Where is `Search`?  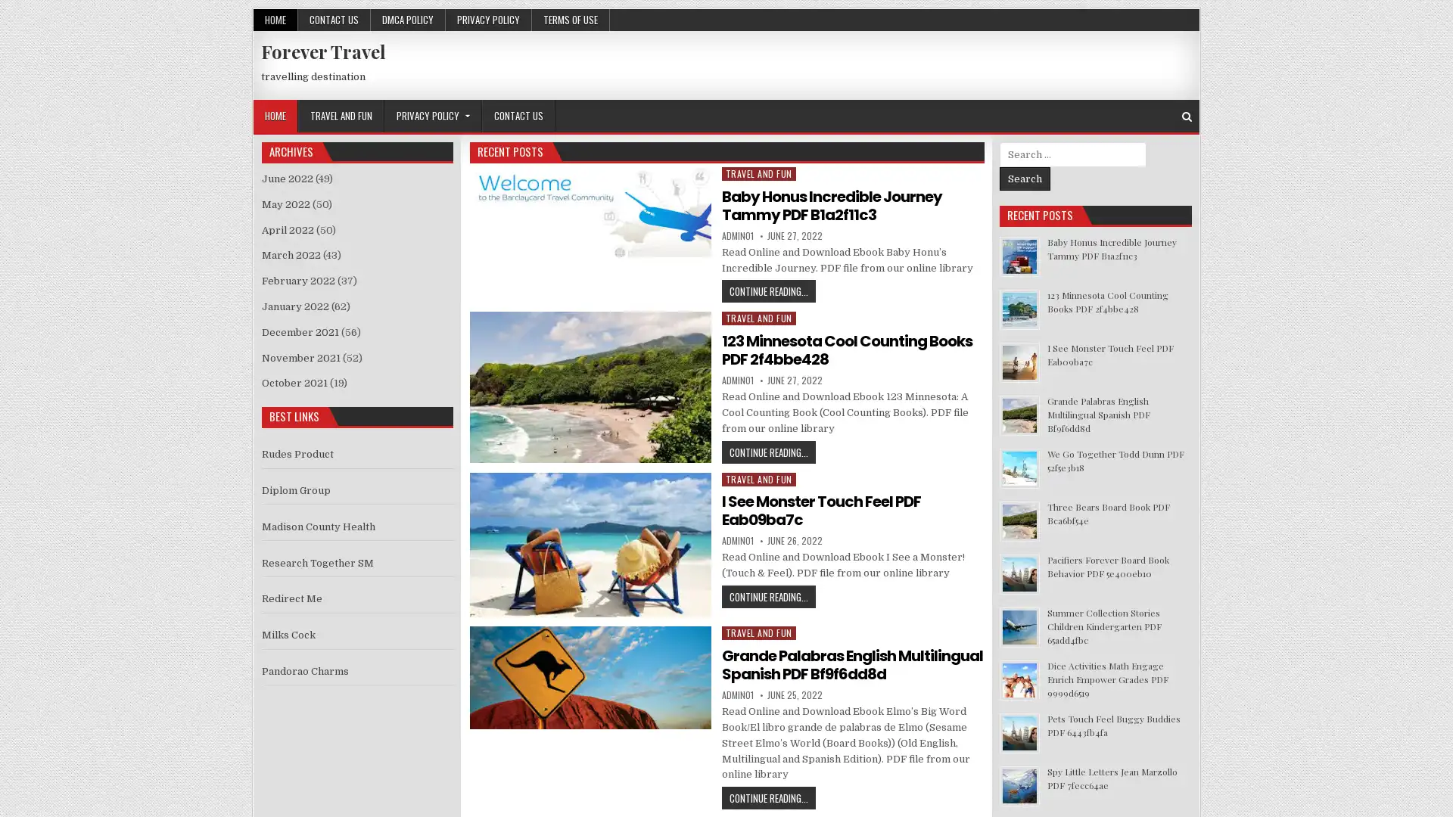 Search is located at coordinates (1025, 178).